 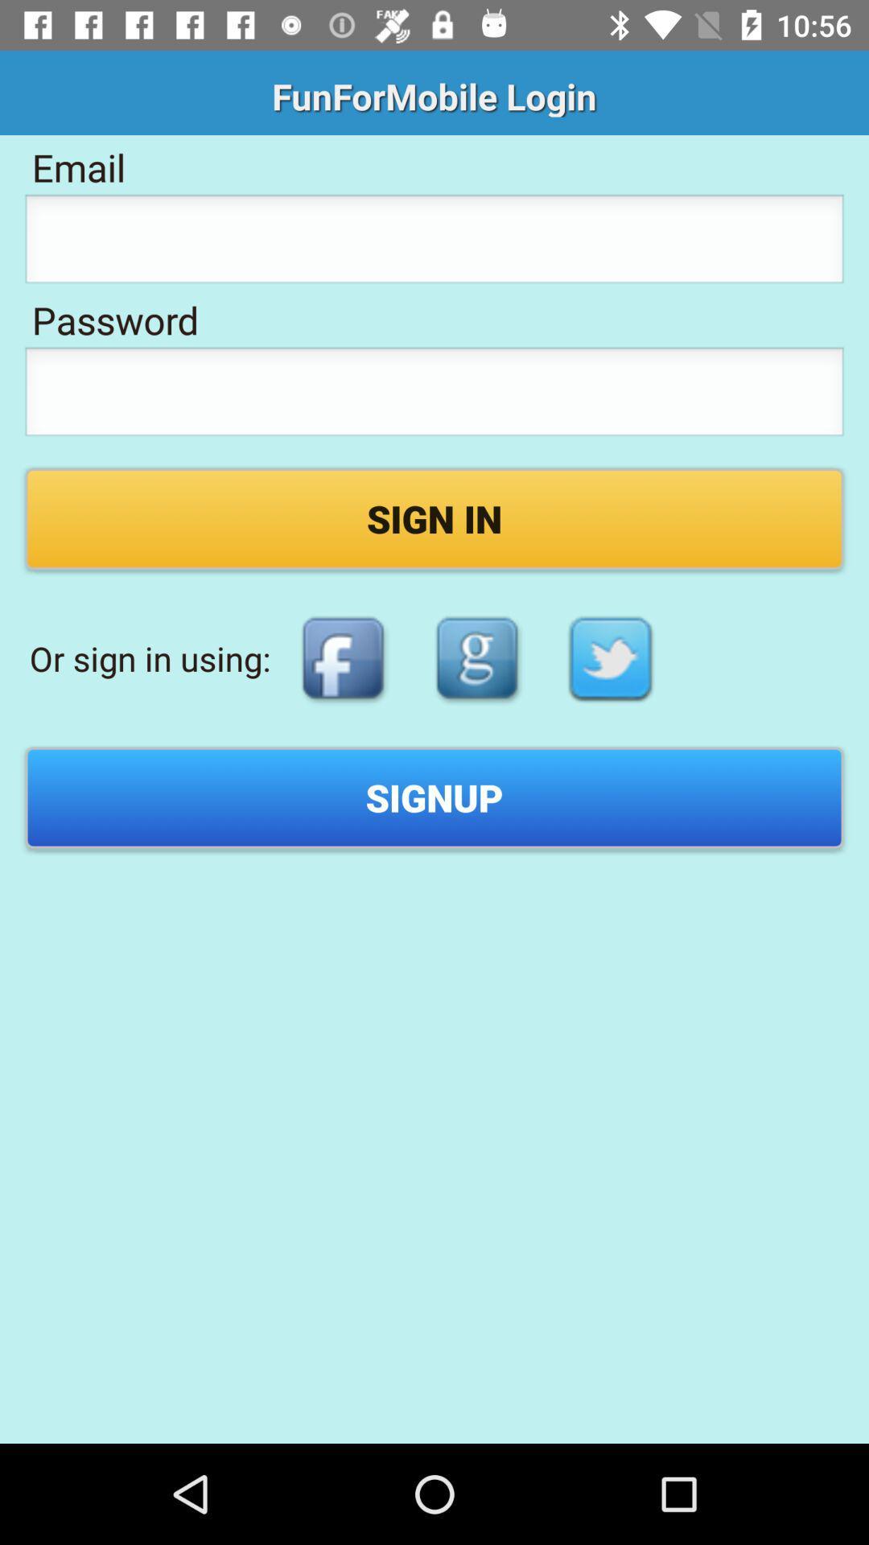 What do you see at coordinates (611, 658) in the screenshot?
I see `the item above the signup item` at bounding box center [611, 658].